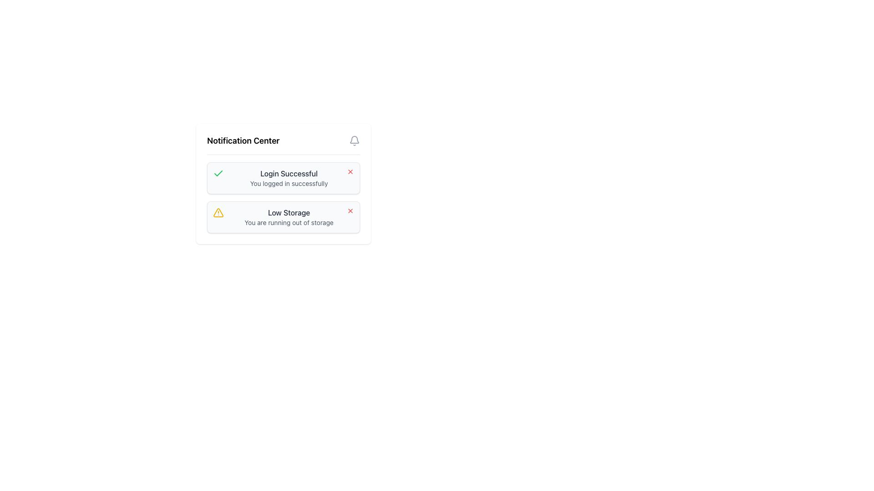 The width and height of the screenshot is (874, 491). I want to click on the yellow warning triangle icon with an exclamation mark inside, located in the left-most section of the 'Low Storage' notification card, so click(218, 212).